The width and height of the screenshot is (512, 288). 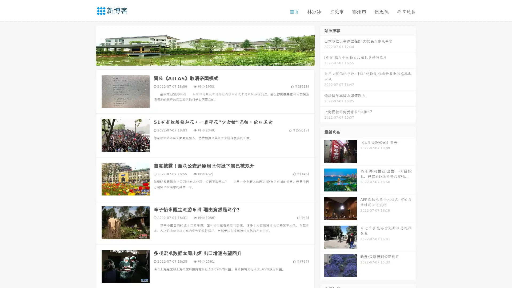 What do you see at coordinates (199, 60) in the screenshot?
I see `Go to slide 1` at bounding box center [199, 60].